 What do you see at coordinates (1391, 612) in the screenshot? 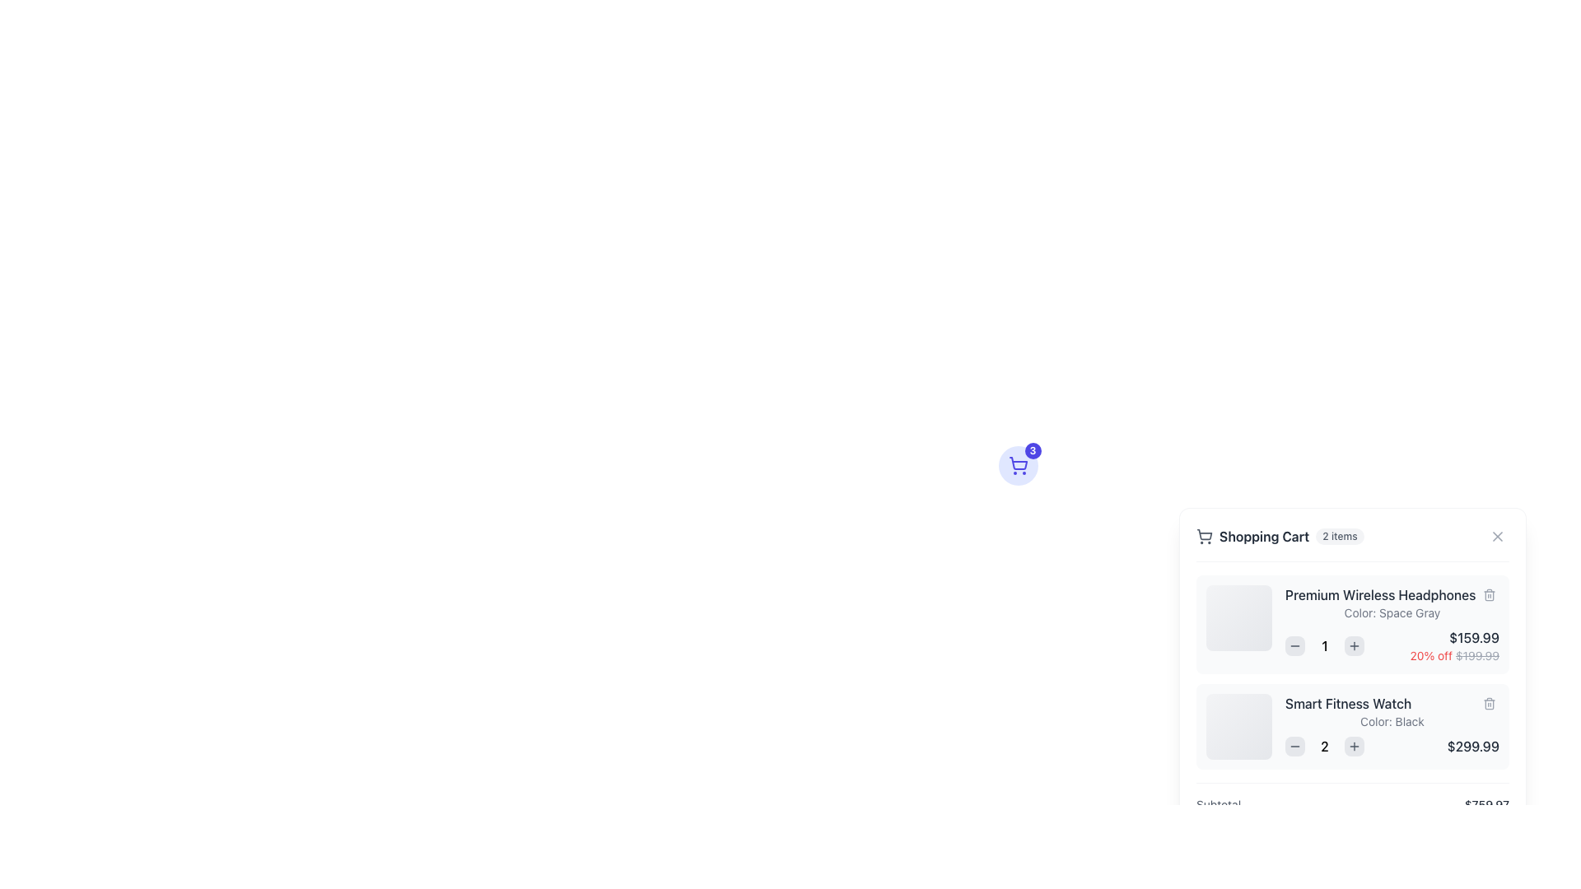
I see `the text label displaying 'Color: Space Gray' located below the title 'Premium Wireless Headphones' in the shopping cart interface` at bounding box center [1391, 612].